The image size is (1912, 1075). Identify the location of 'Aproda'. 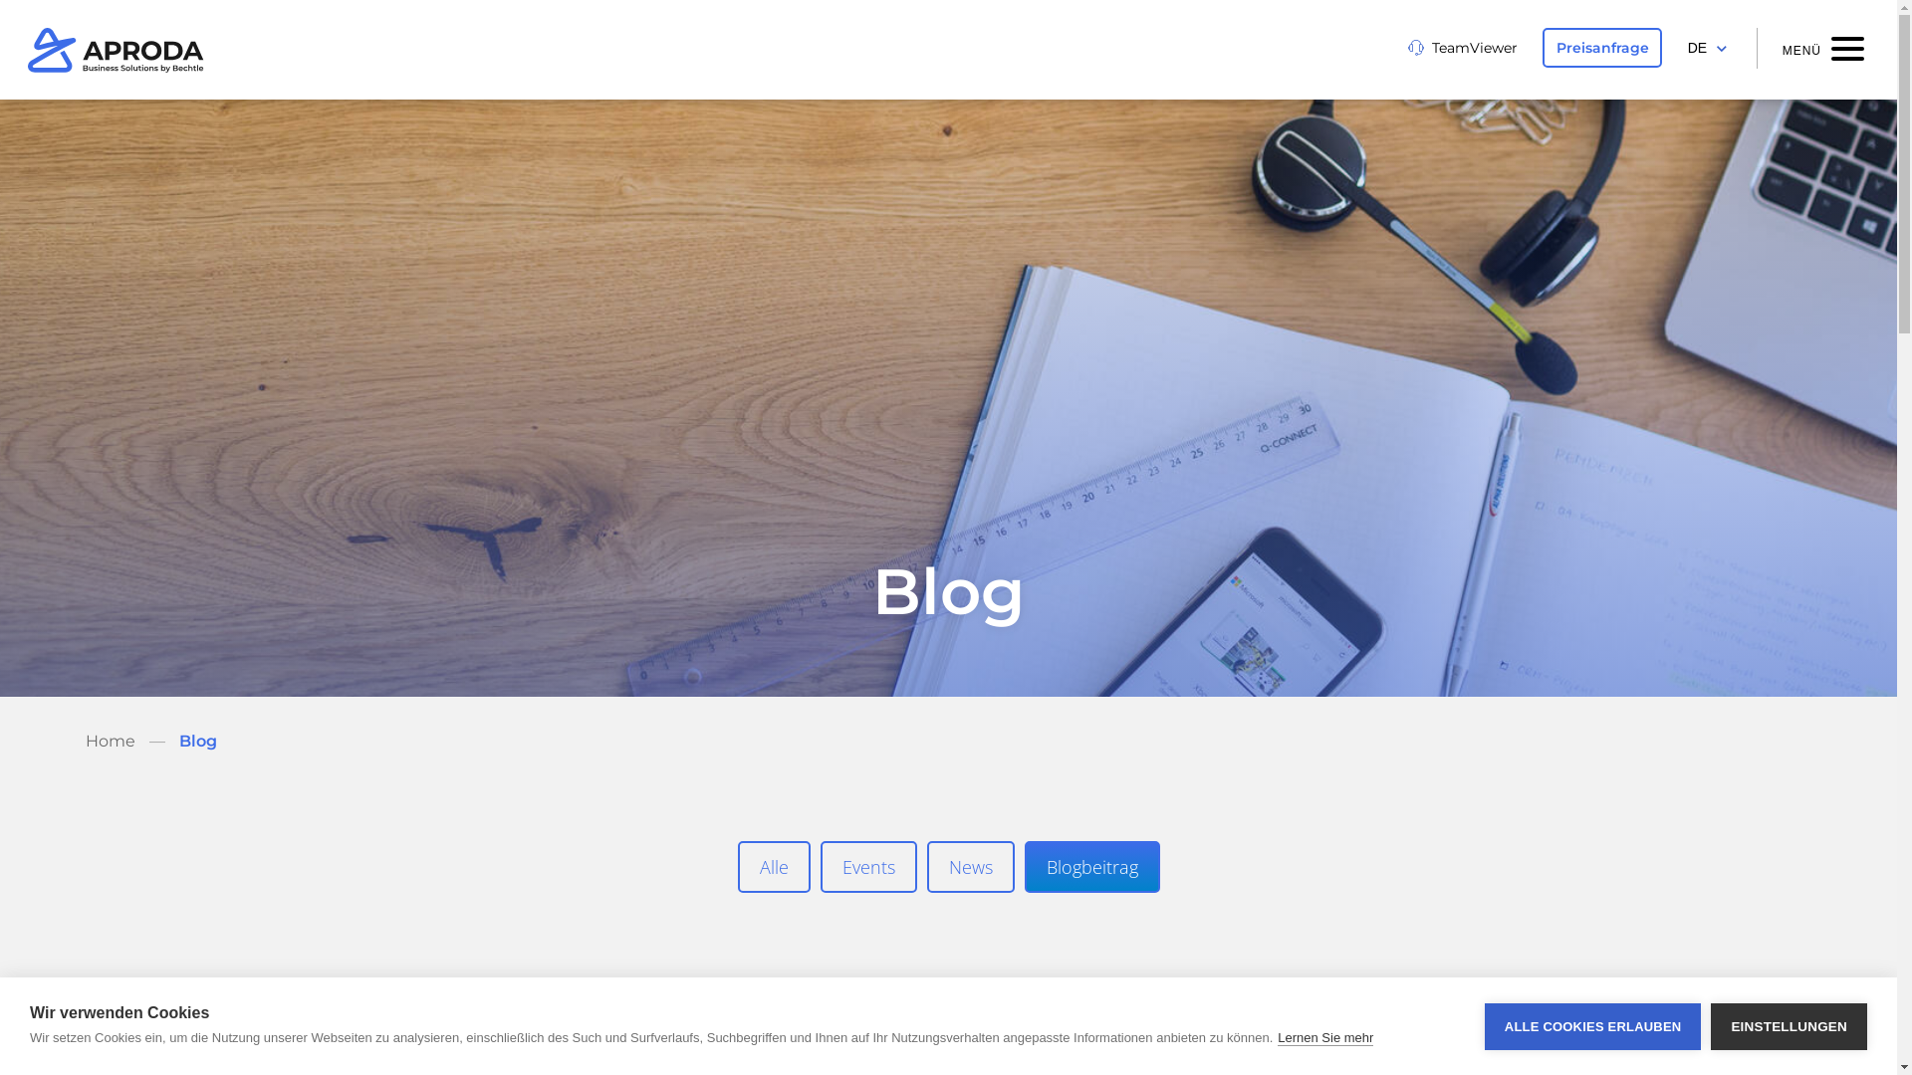
(28, 49).